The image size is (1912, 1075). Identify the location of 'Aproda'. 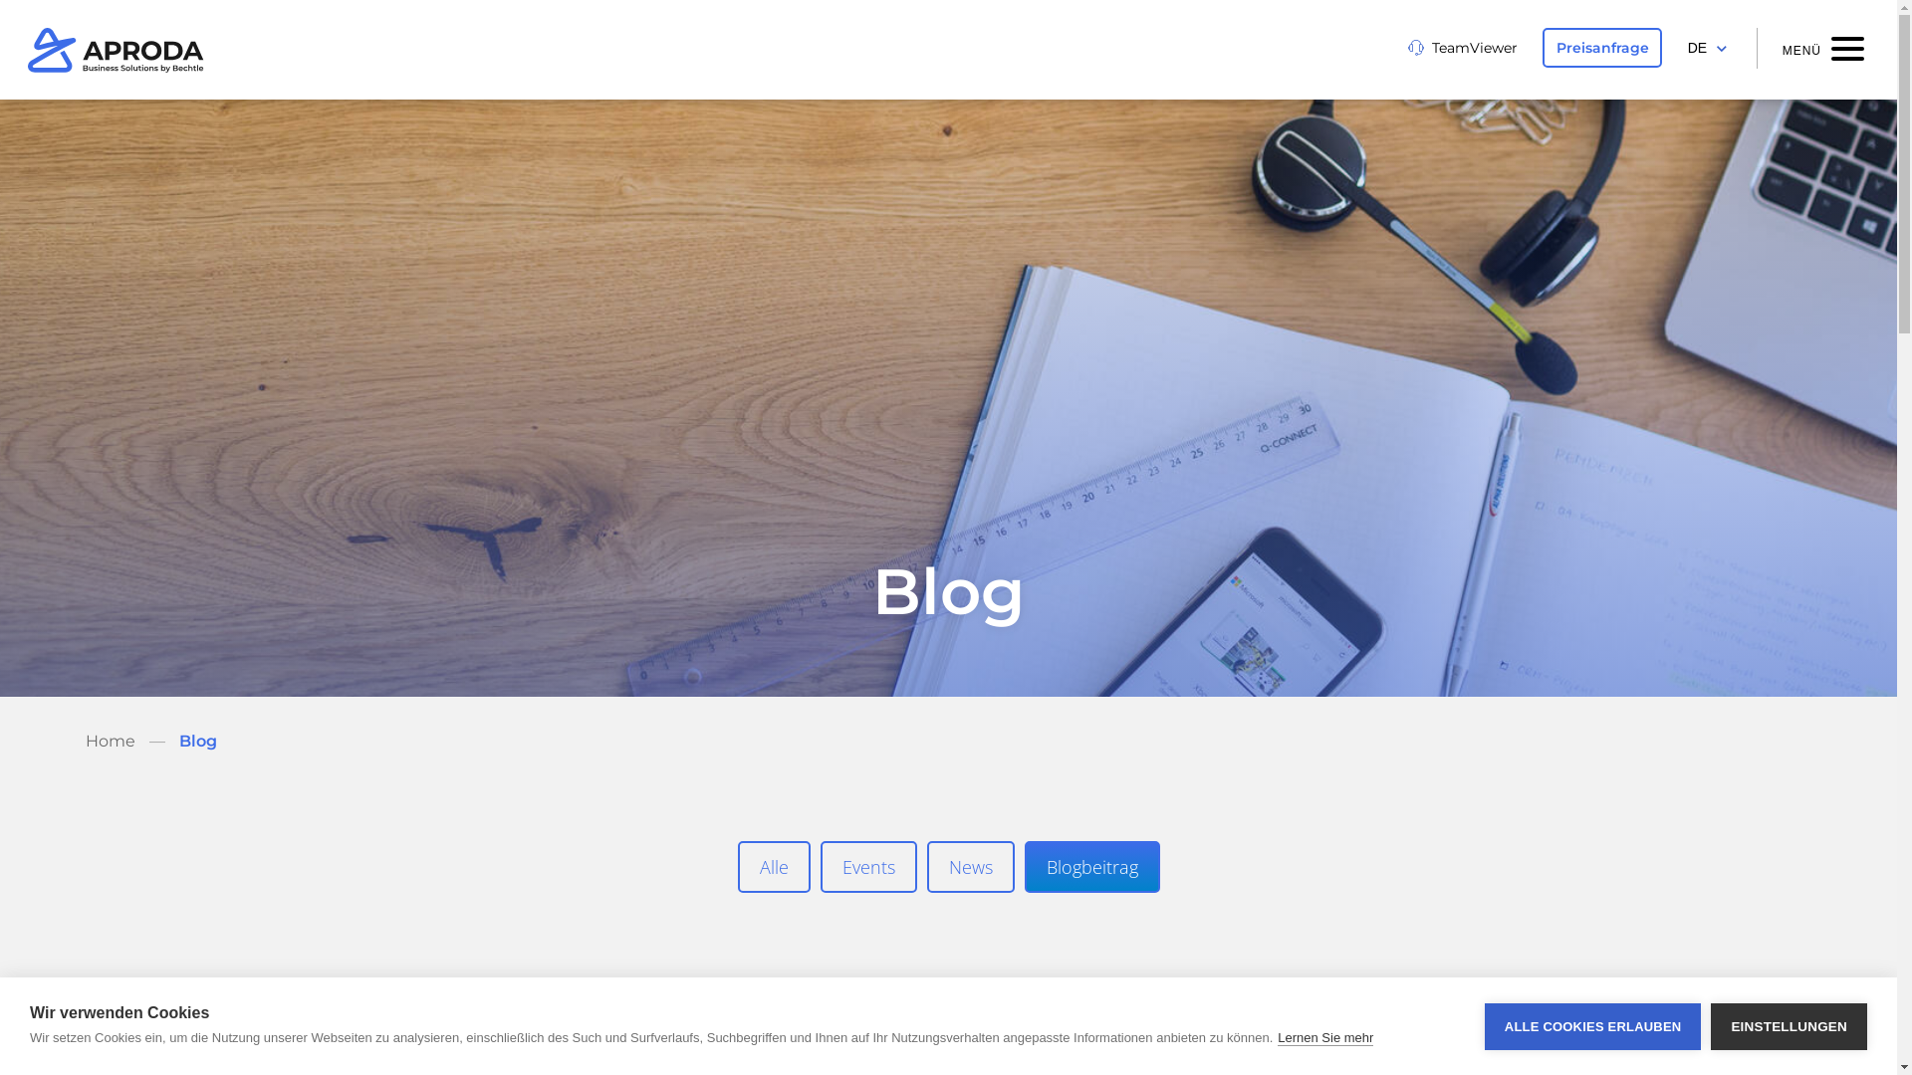
(28, 49).